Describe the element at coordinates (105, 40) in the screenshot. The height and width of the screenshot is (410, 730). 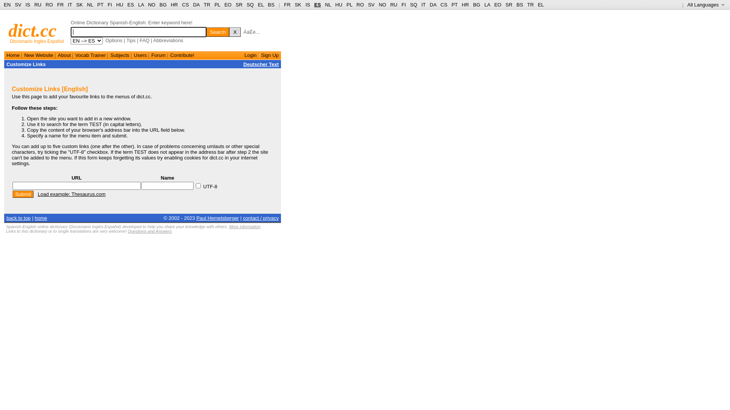
I see `'Options'` at that location.